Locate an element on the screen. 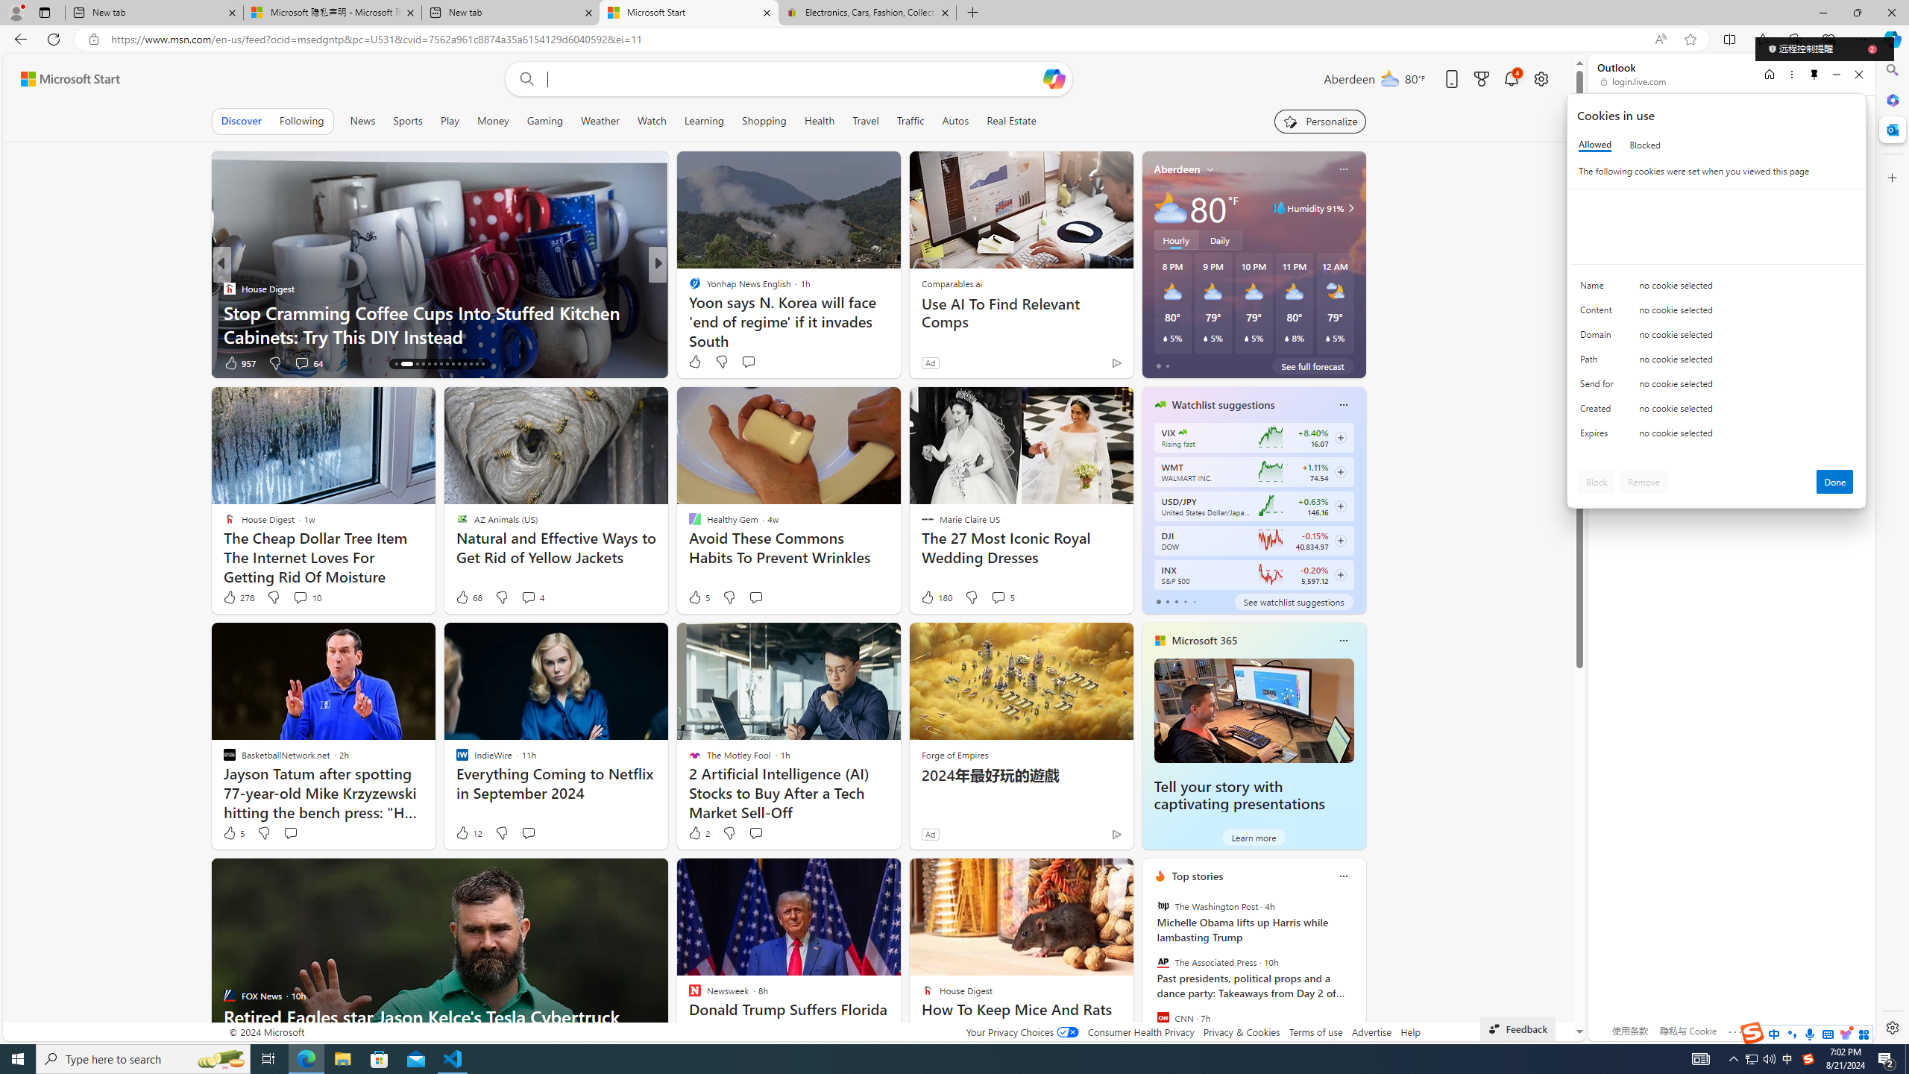  'View comments 4 Comment' is located at coordinates (529, 597).